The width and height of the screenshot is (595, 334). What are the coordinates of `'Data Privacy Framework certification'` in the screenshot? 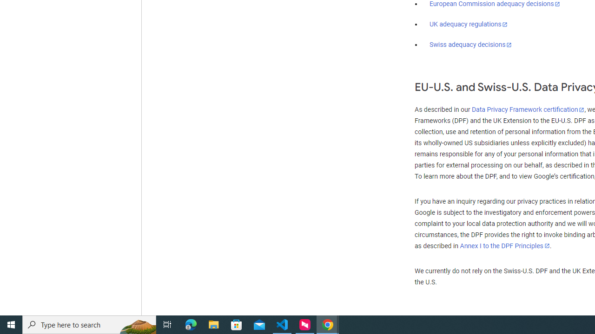 It's located at (528, 109).